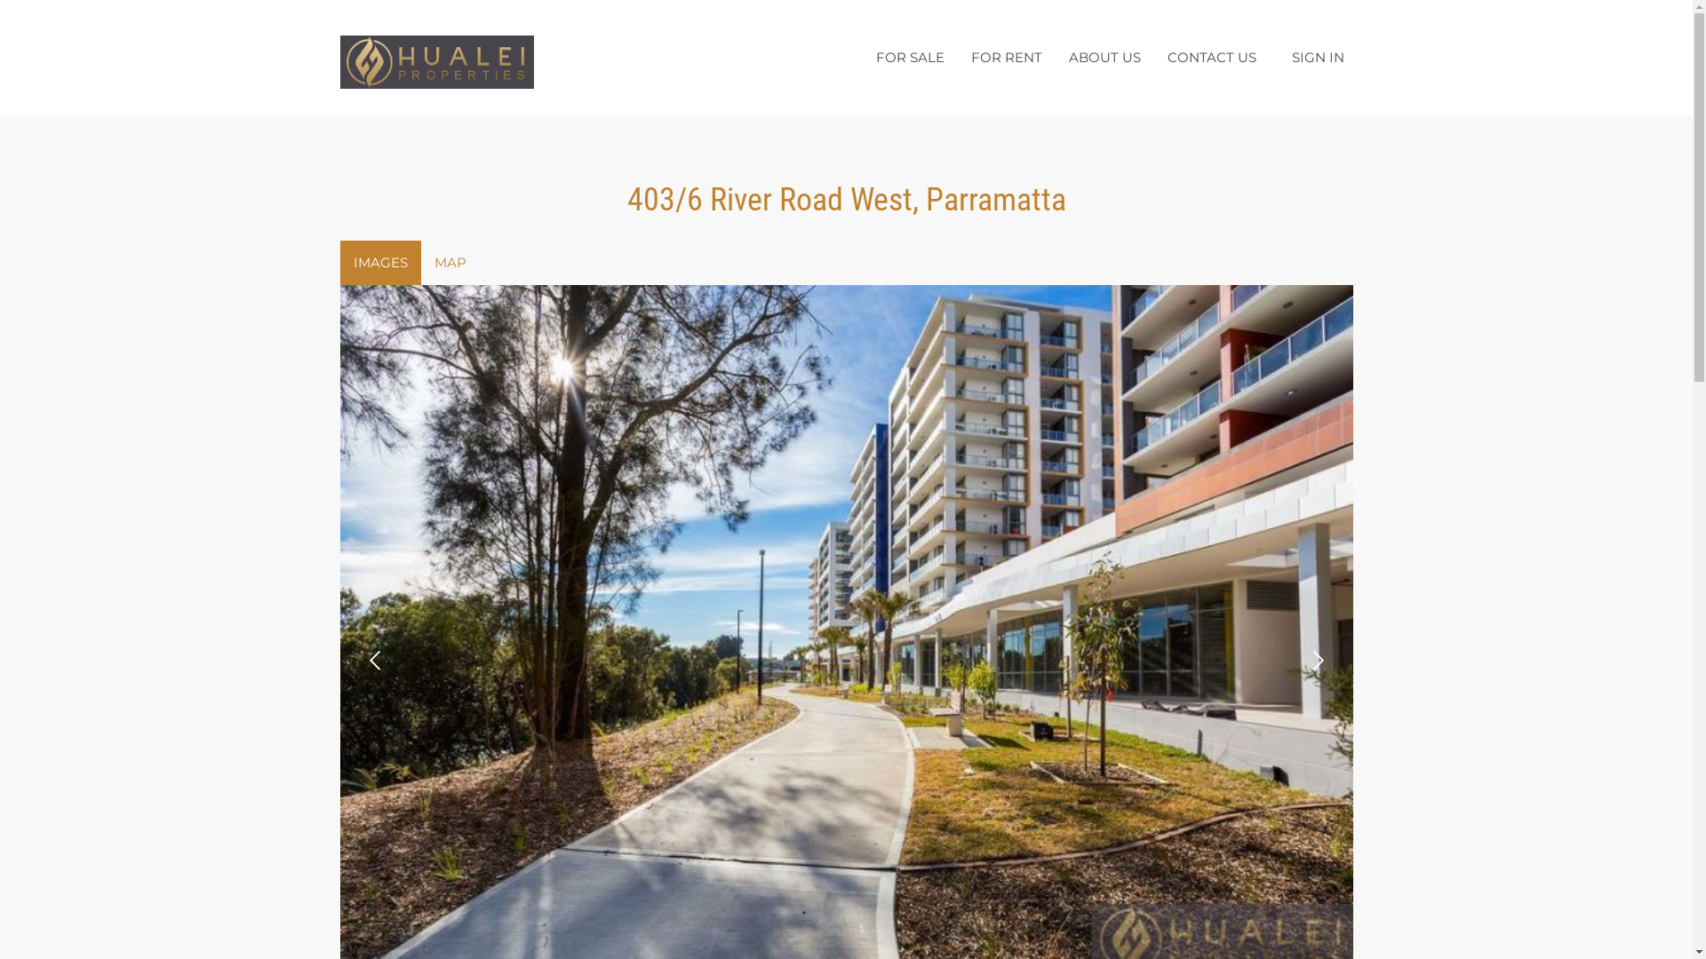 This screenshot has width=1706, height=959. I want to click on 'ABOUT US', so click(1056, 56).